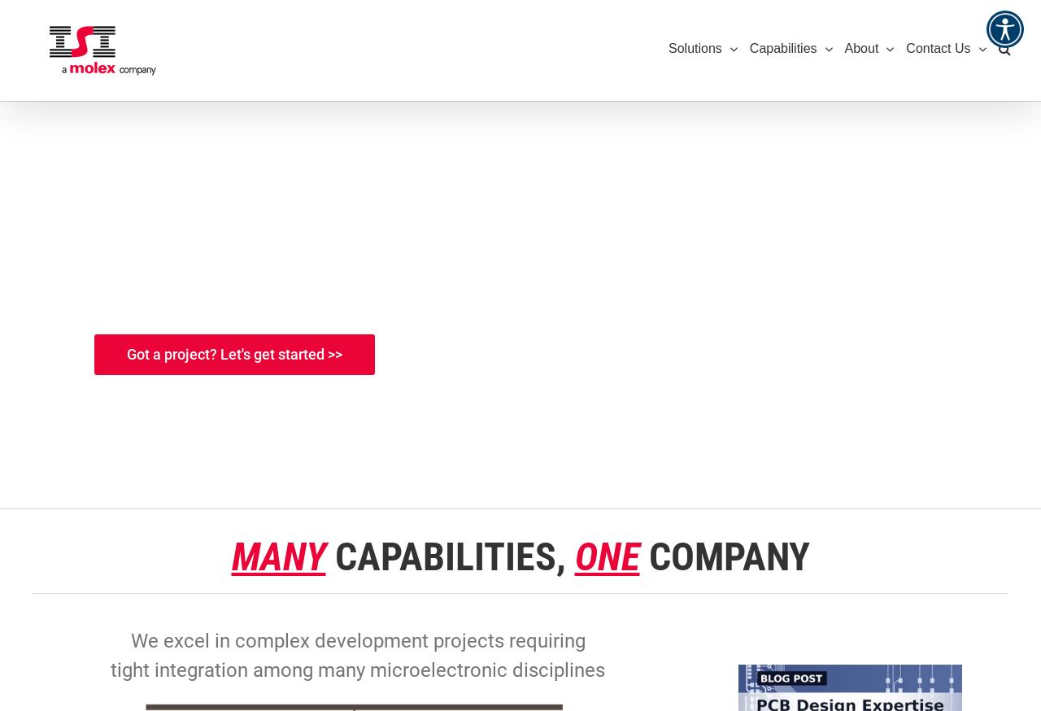  I want to click on 'CAPABILITIES,', so click(454, 556).